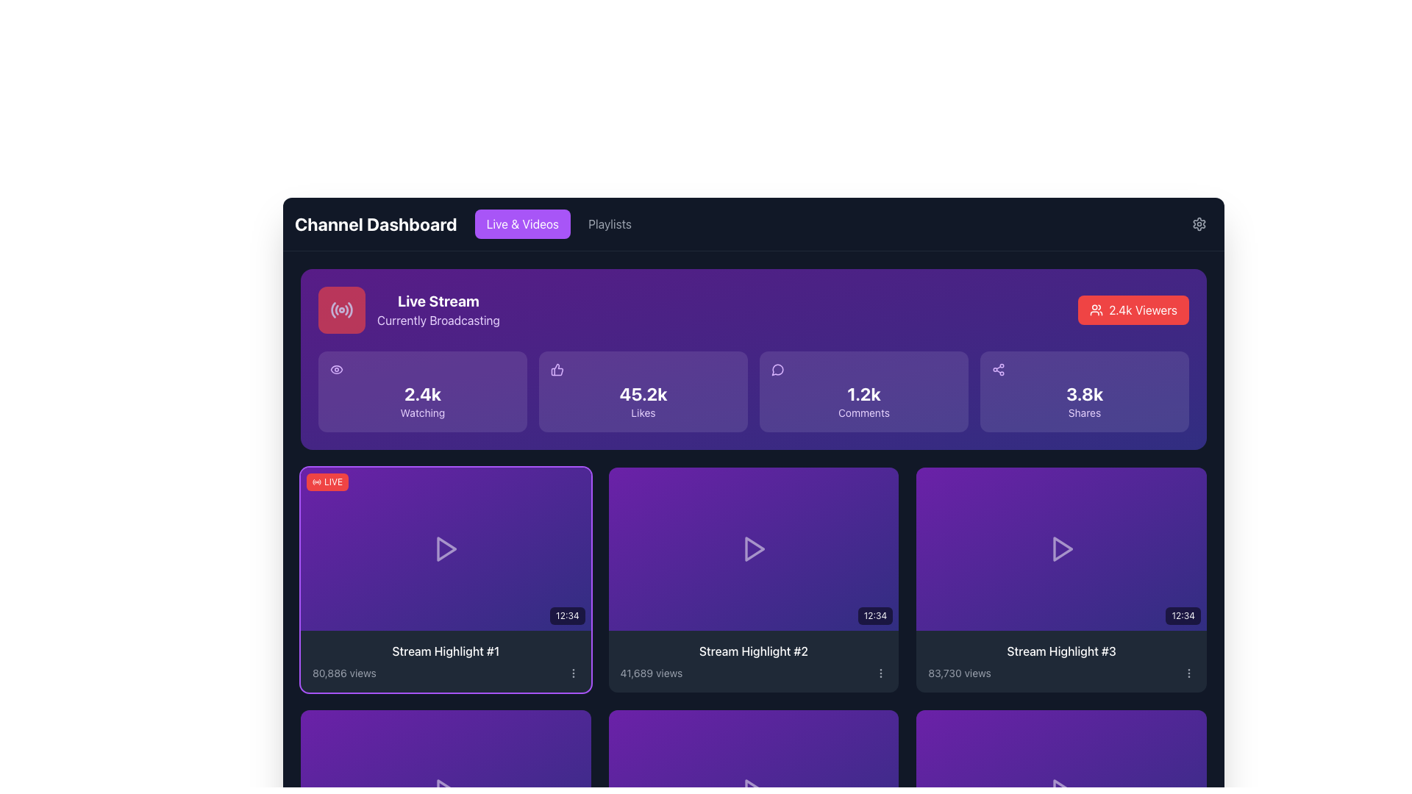 The width and height of the screenshot is (1412, 794). I want to click on the user group icon within the red button labeled '2.4k Viewers' located in the top-right section of the interface, so click(1097, 309).